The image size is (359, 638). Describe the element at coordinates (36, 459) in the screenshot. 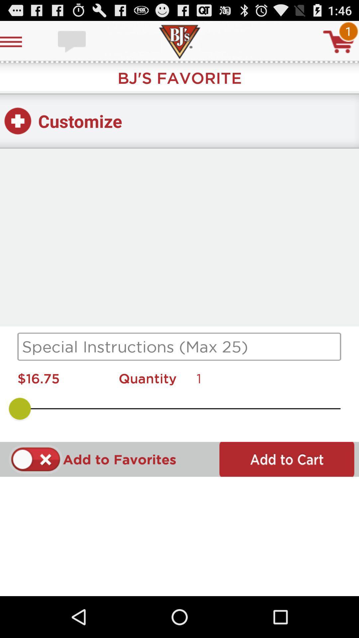

I see `to favorite option` at that location.